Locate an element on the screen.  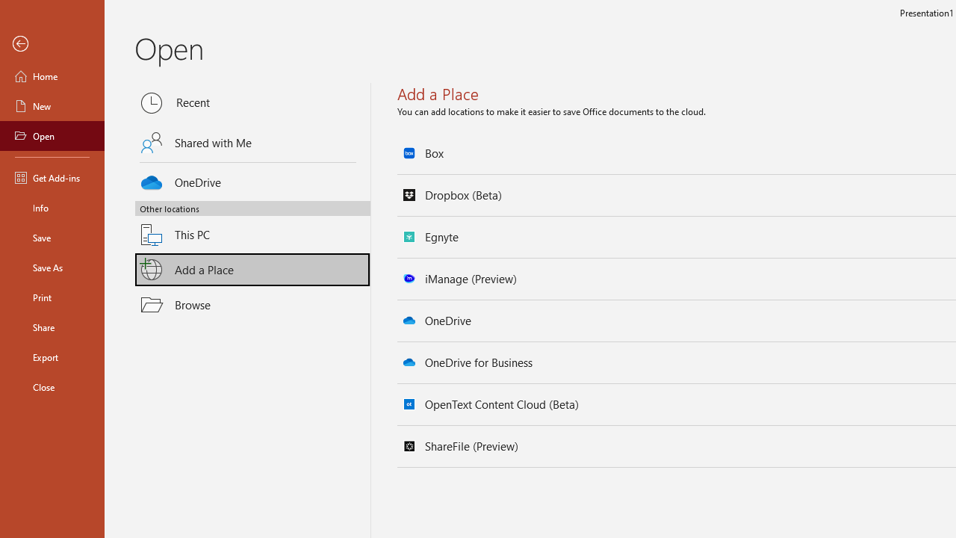
'Info' is located at coordinates (52, 207).